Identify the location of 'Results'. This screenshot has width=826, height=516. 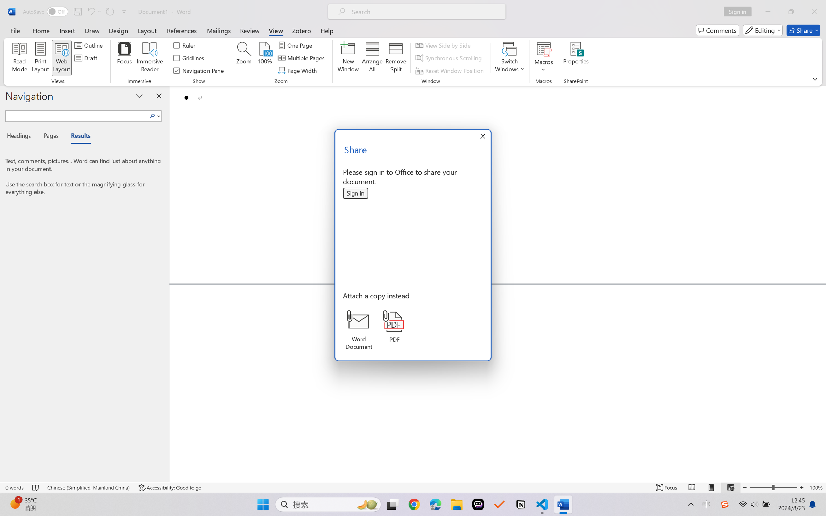
(77, 137).